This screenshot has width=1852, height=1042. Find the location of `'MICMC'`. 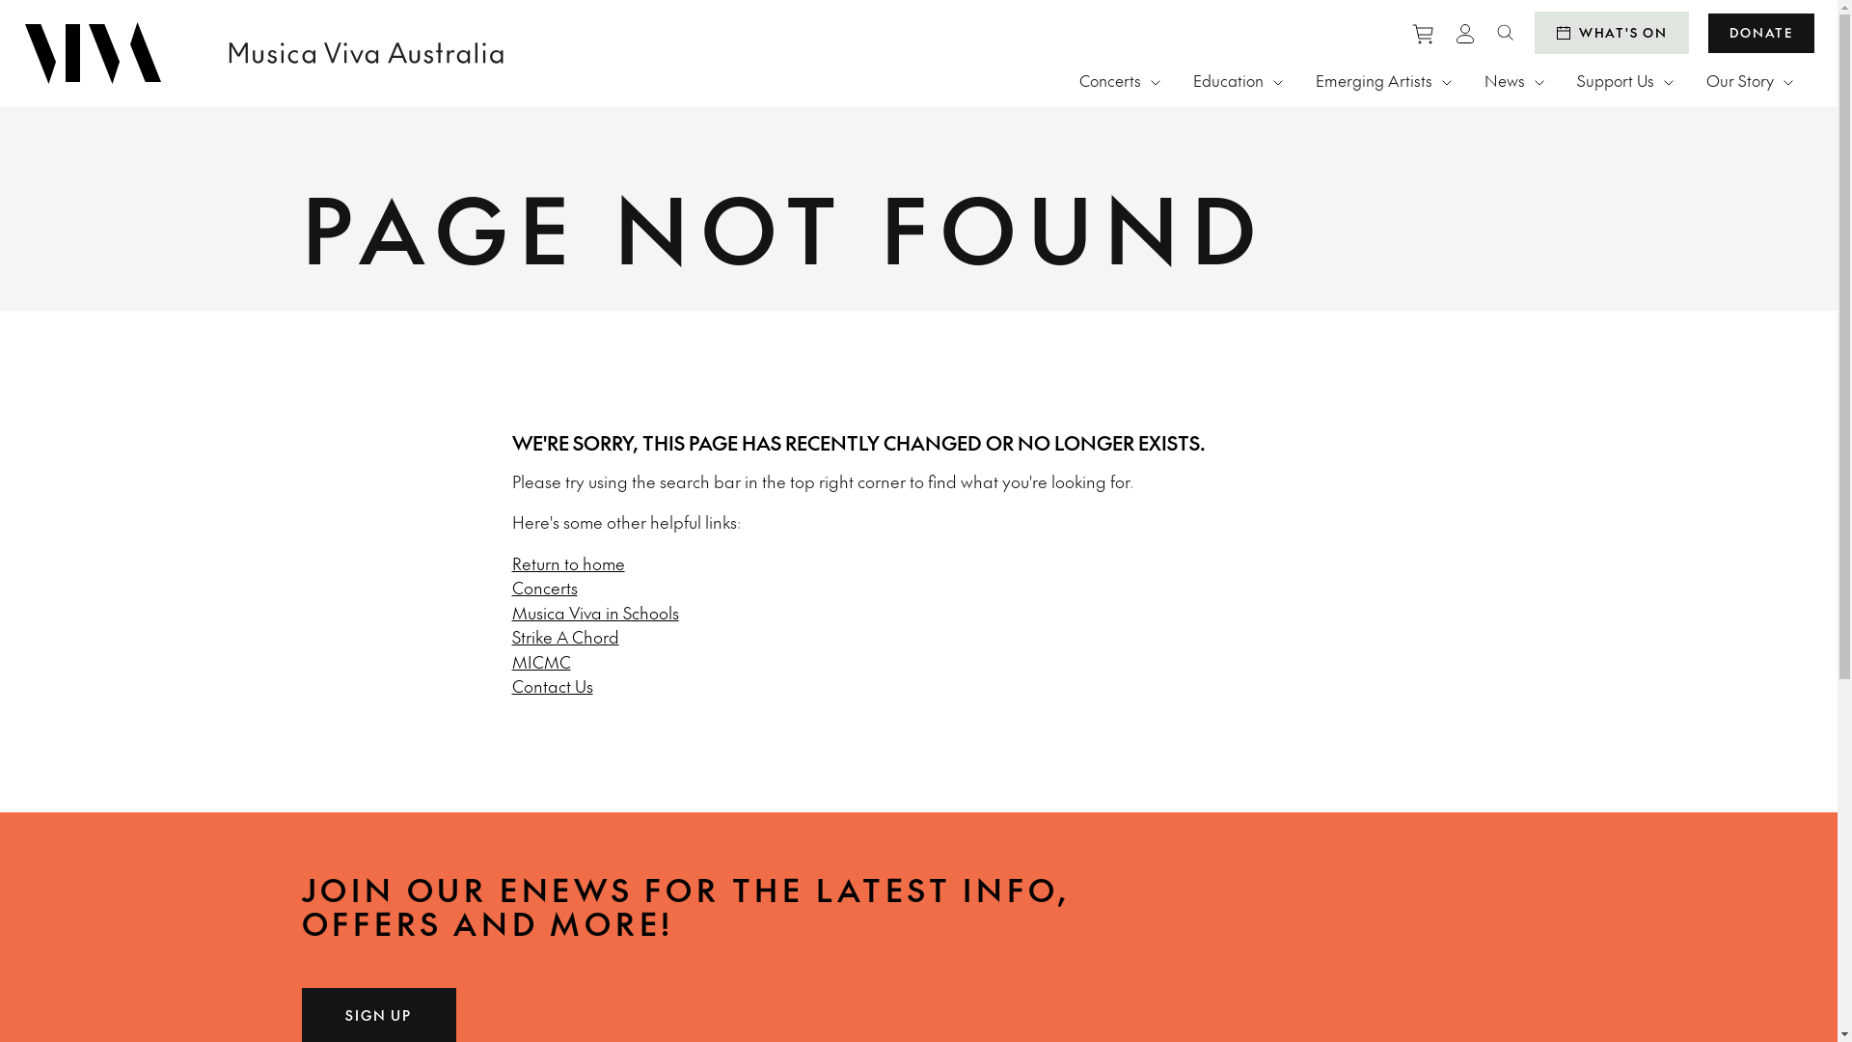

'MICMC' is located at coordinates (540, 661).